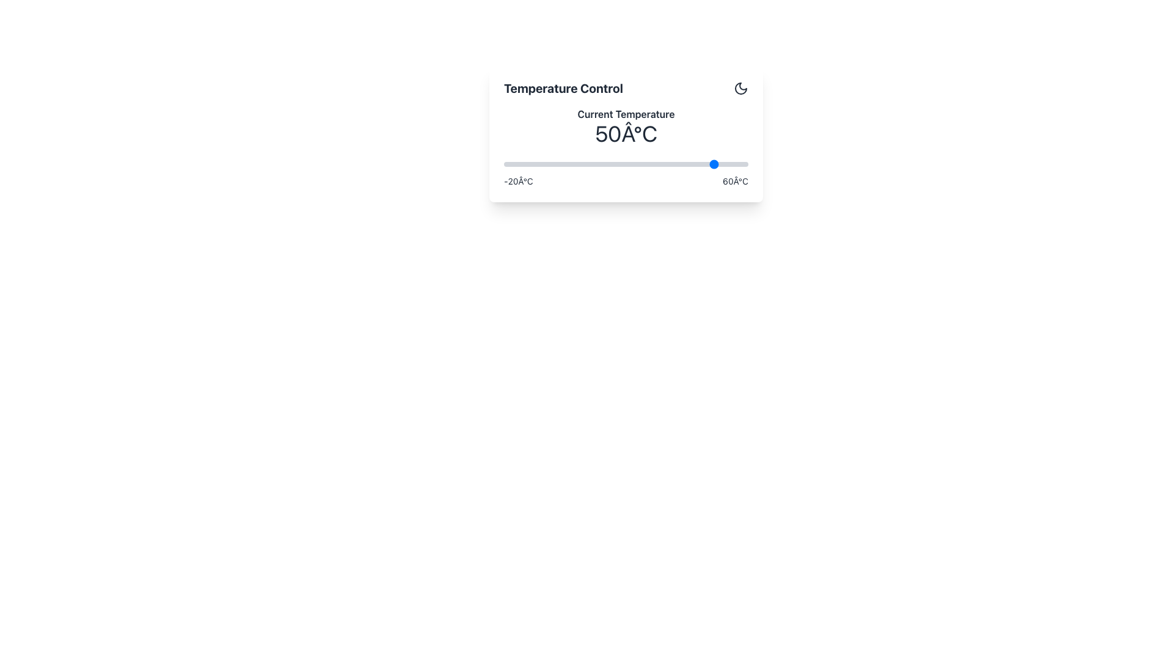 This screenshot has height=660, width=1173. What do you see at coordinates (513, 164) in the screenshot?
I see `the temperature` at bounding box center [513, 164].